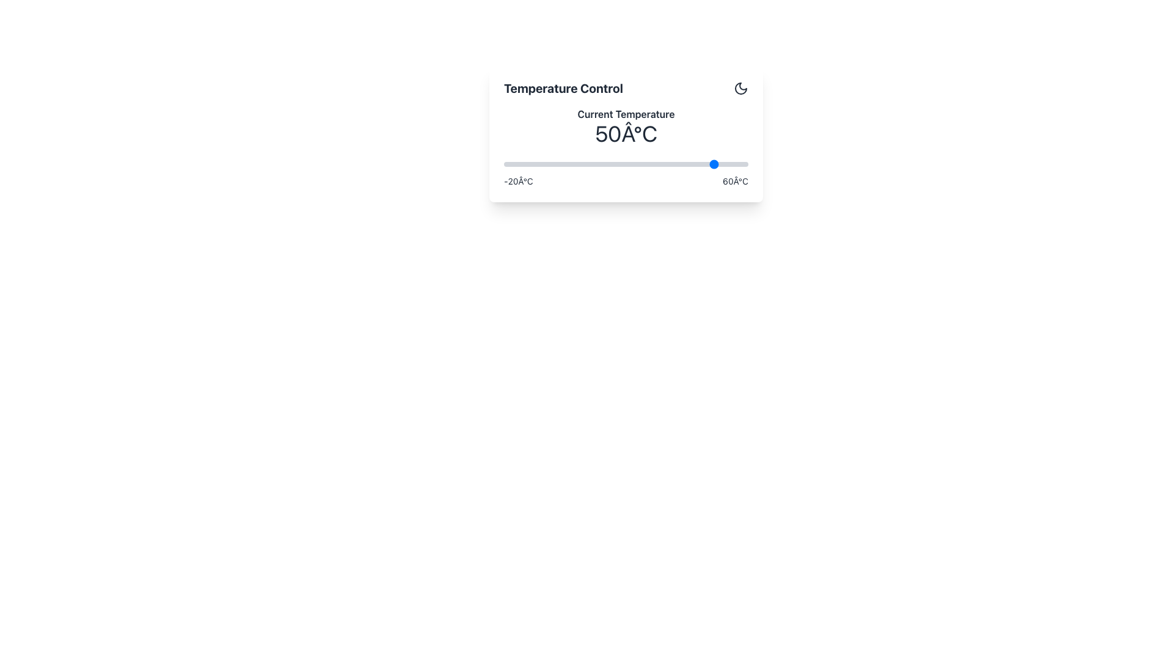 This screenshot has height=660, width=1173. What do you see at coordinates (513, 164) in the screenshot?
I see `the temperature` at bounding box center [513, 164].